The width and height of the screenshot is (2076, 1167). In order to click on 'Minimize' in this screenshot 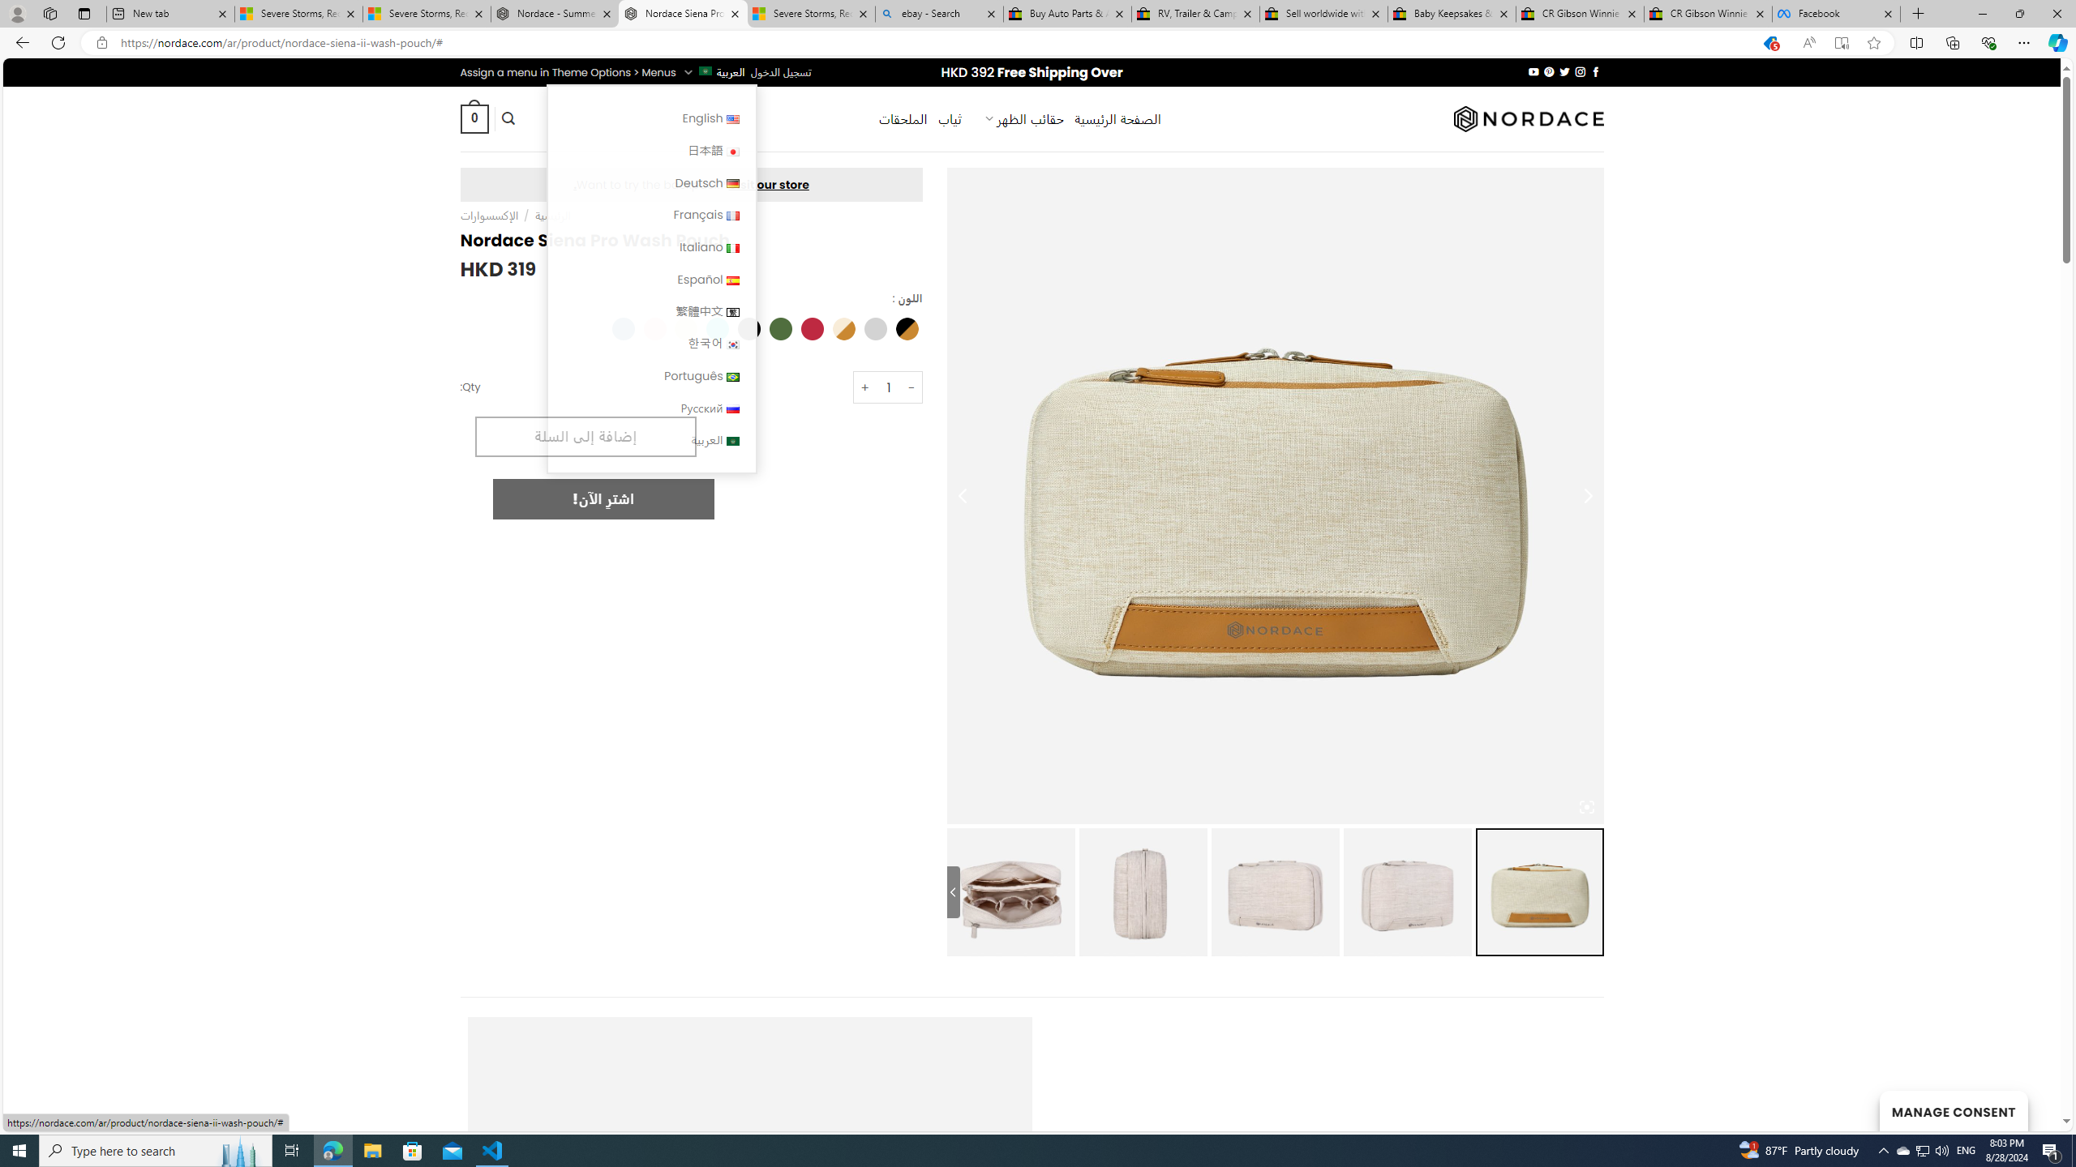, I will do `click(1981, 13)`.